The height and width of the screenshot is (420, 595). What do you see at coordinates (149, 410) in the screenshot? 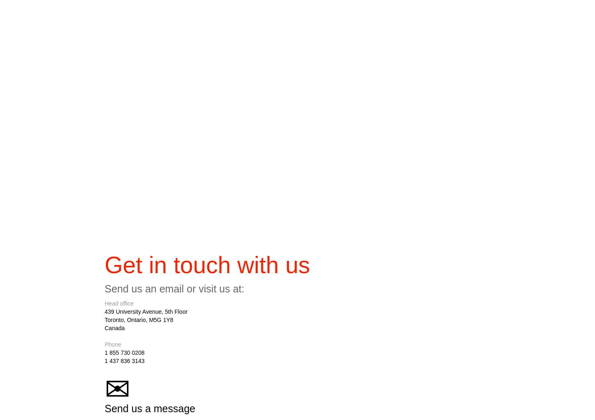
I see `'Send us a message'` at bounding box center [149, 410].